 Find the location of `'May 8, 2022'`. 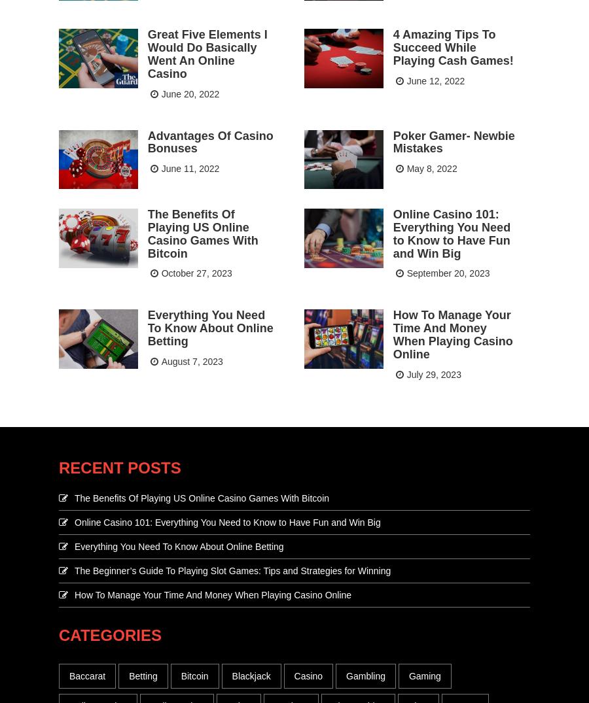

'May 8, 2022' is located at coordinates (406, 168).